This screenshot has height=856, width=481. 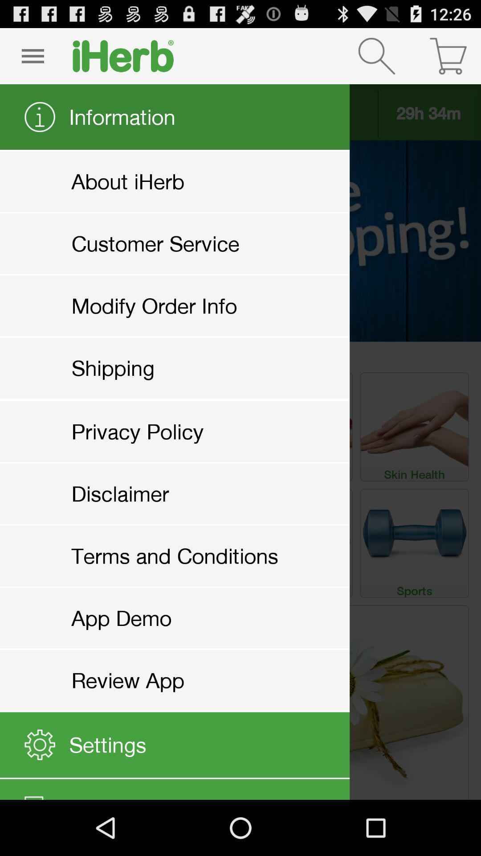 I want to click on the search icon, so click(x=376, y=59).